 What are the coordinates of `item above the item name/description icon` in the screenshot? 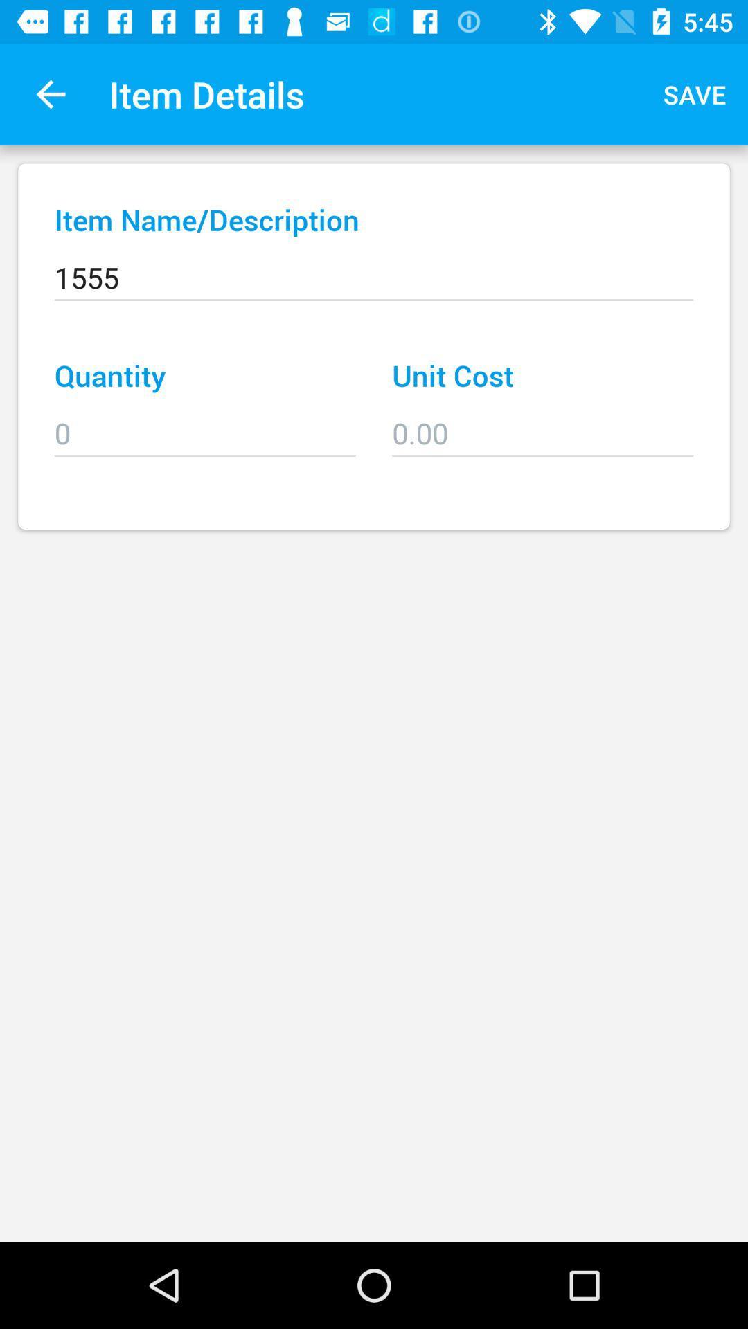 It's located at (50, 93).